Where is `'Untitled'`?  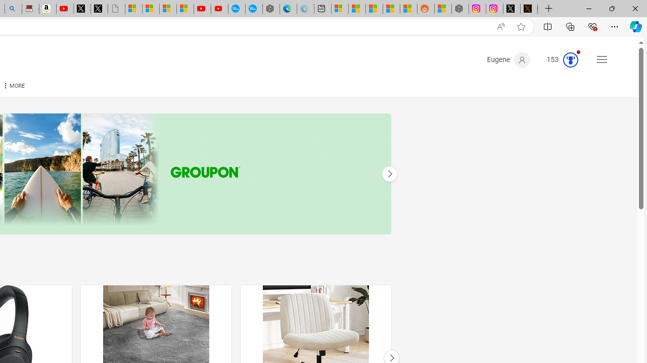
'Untitled' is located at coordinates (116, 9).